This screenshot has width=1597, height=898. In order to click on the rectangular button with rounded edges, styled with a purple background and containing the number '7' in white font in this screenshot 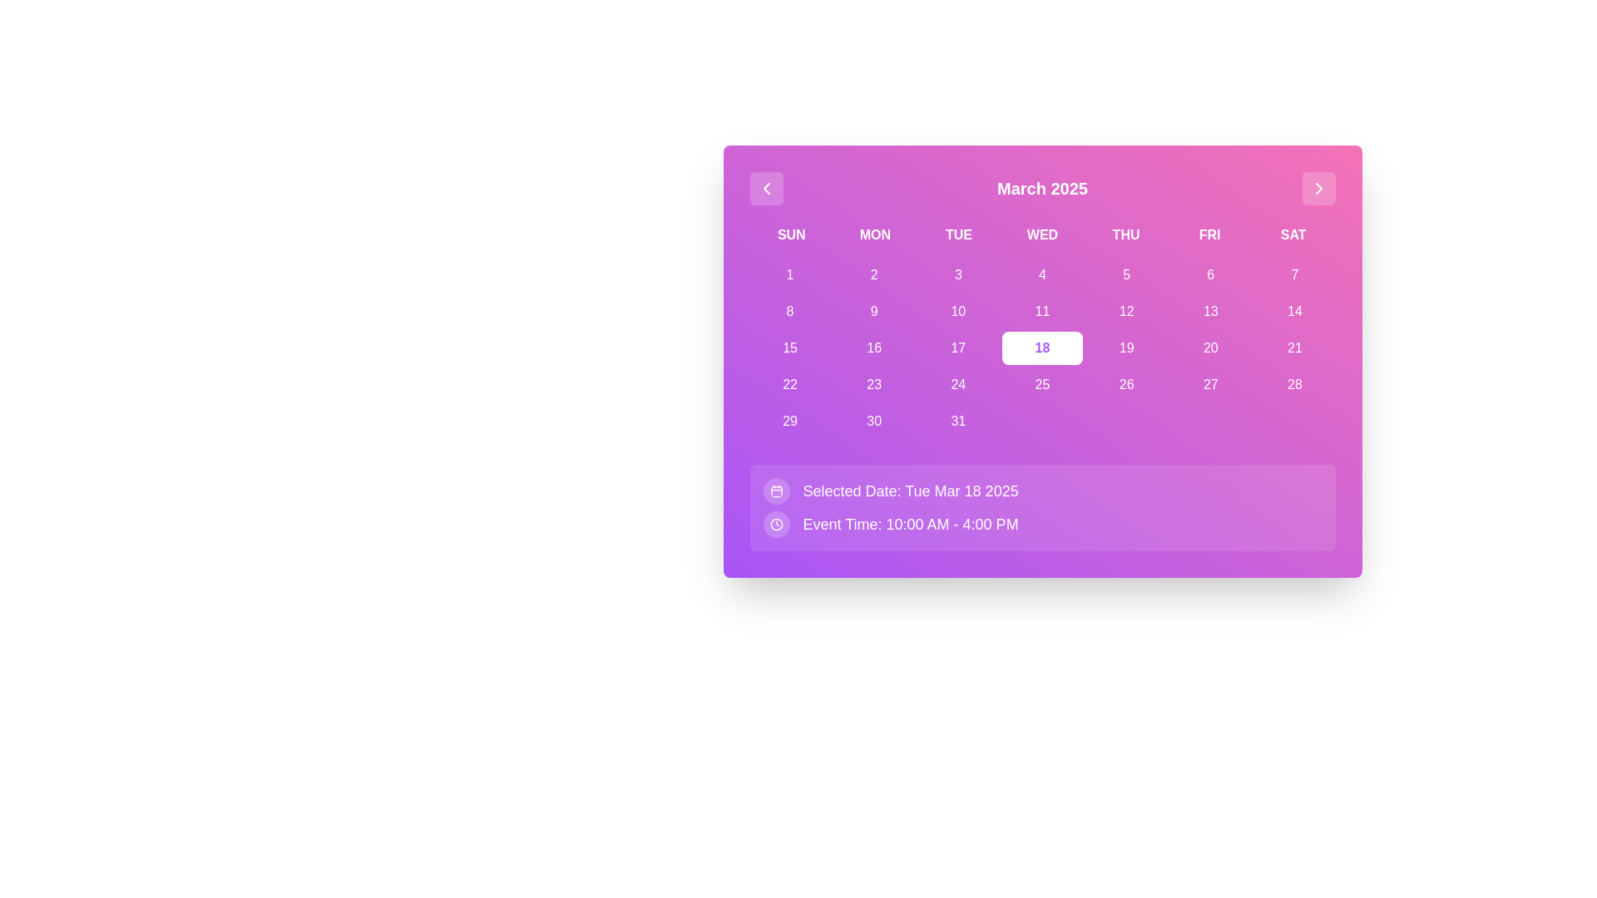, I will do `click(1293, 274)`.